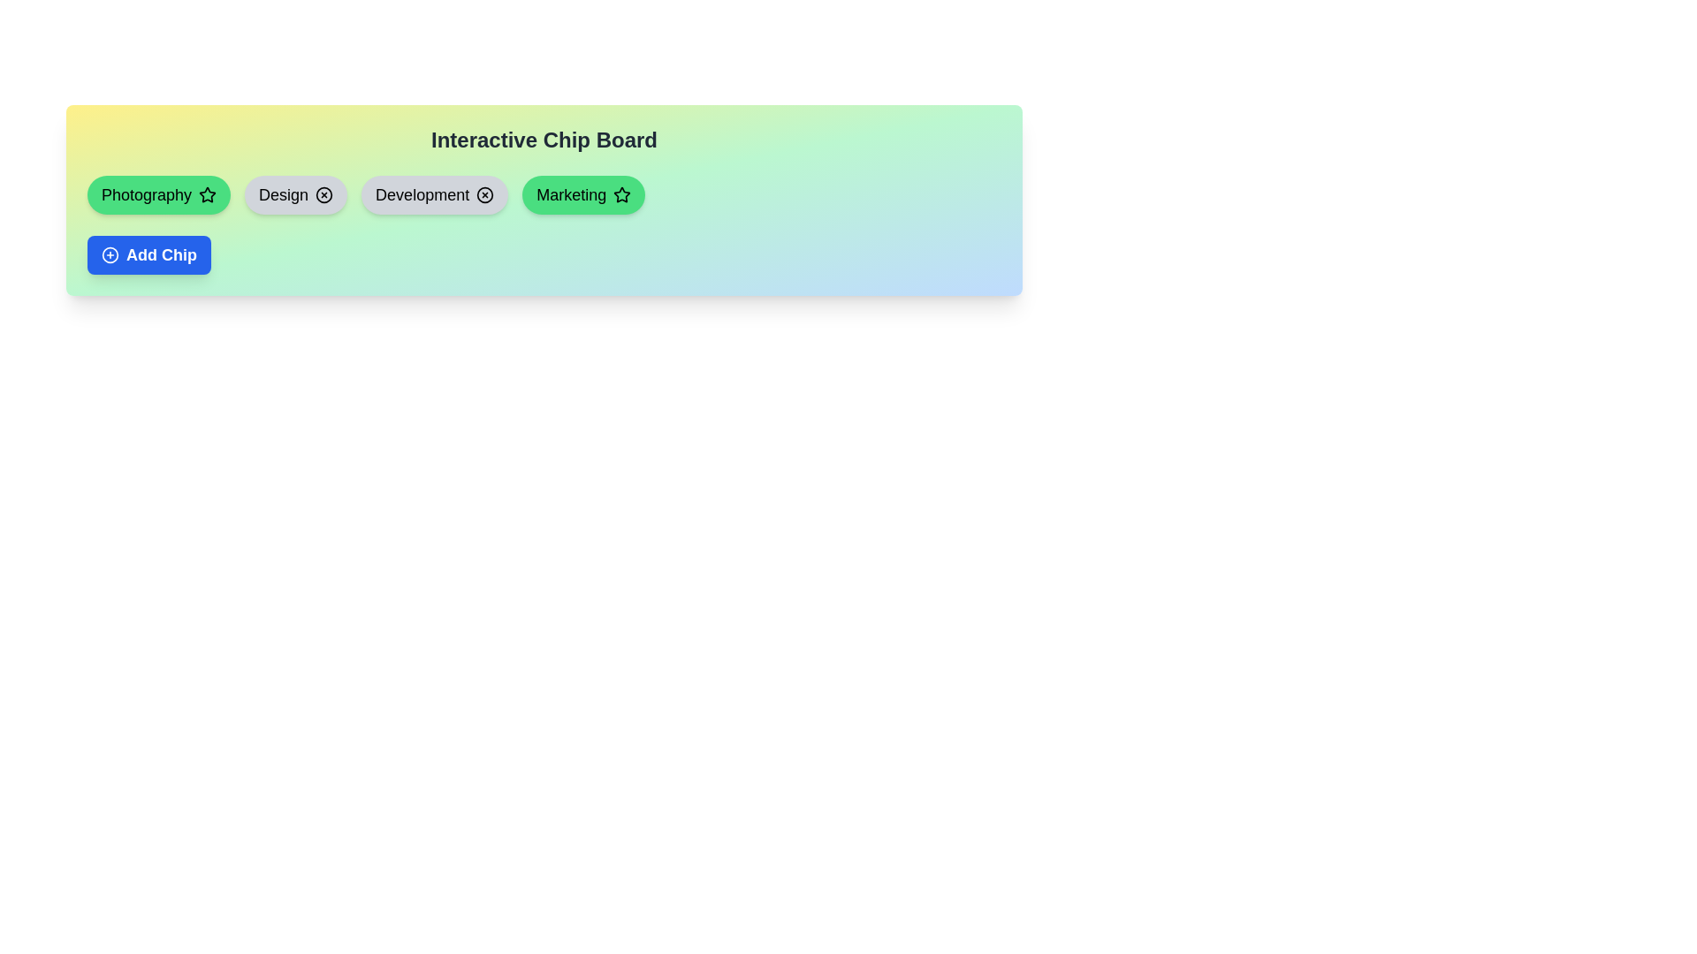 The height and width of the screenshot is (954, 1697). I want to click on the star icon within the green 'Marketing' button, which indicates a favorite status or special categorization, so click(622, 194).